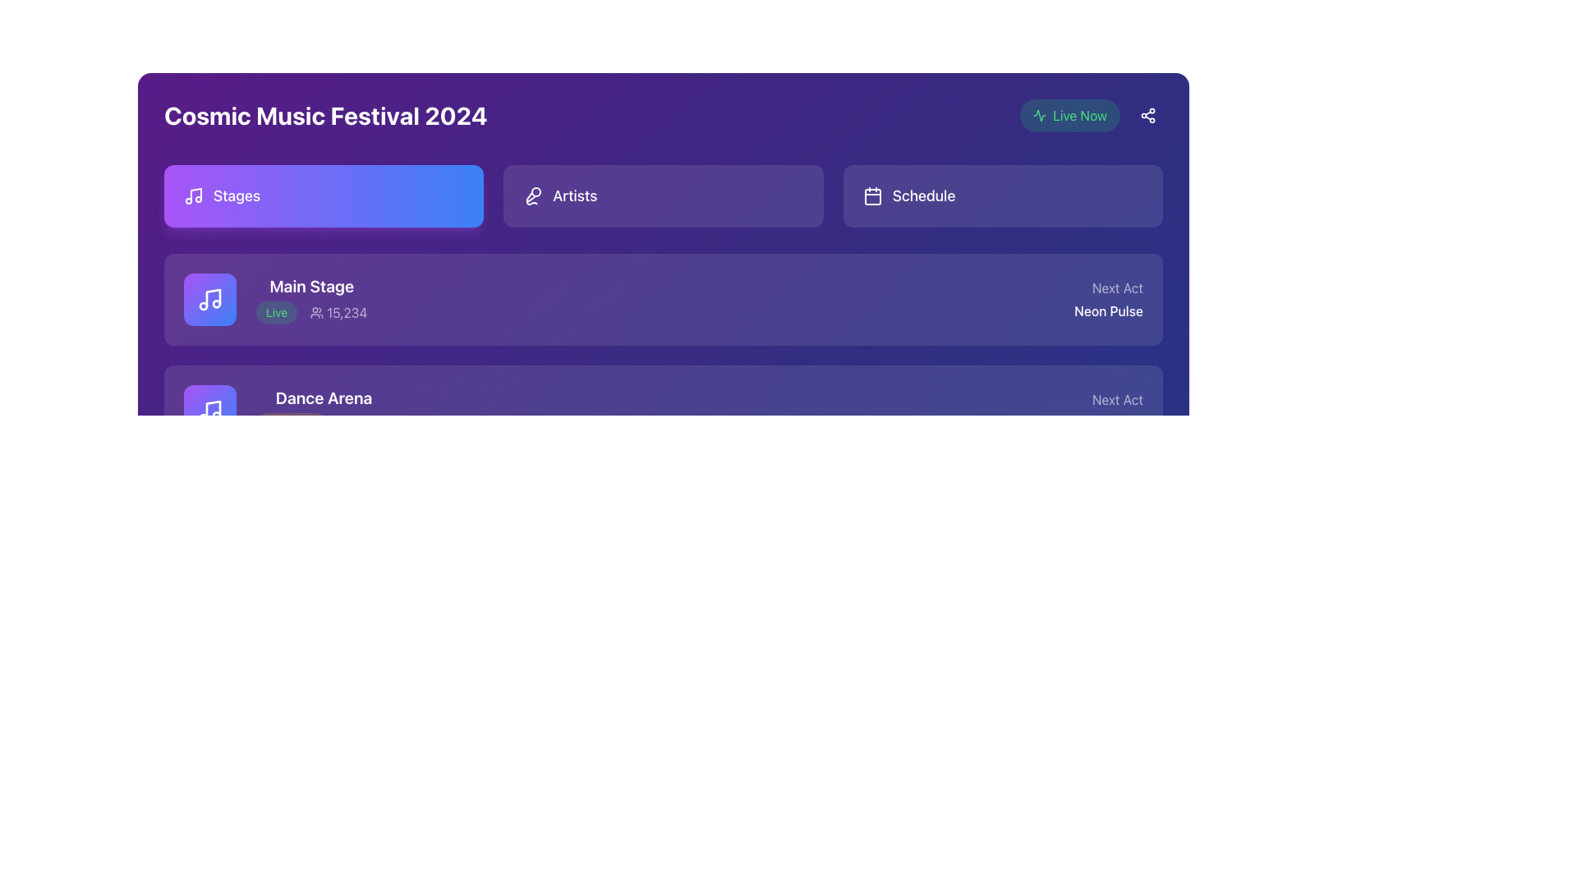 This screenshot has width=1577, height=887. Describe the element at coordinates (871, 195) in the screenshot. I see `the calendar icon located in the top-right section of the interface to trigger actions` at that location.